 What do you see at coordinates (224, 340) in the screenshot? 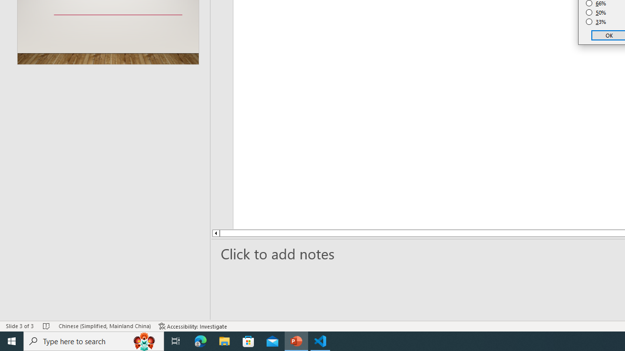
I see `'File Explorer'` at bounding box center [224, 340].